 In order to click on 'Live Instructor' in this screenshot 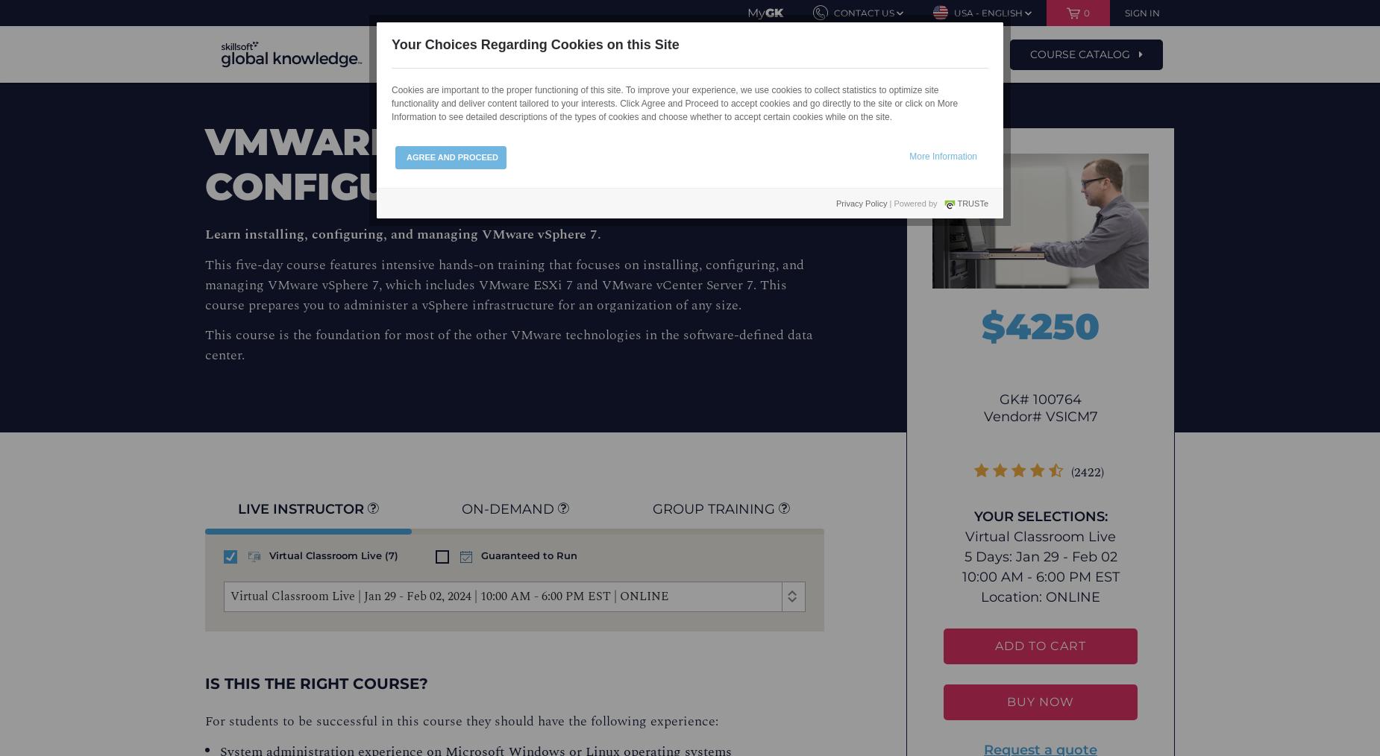, I will do `click(302, 508)`.